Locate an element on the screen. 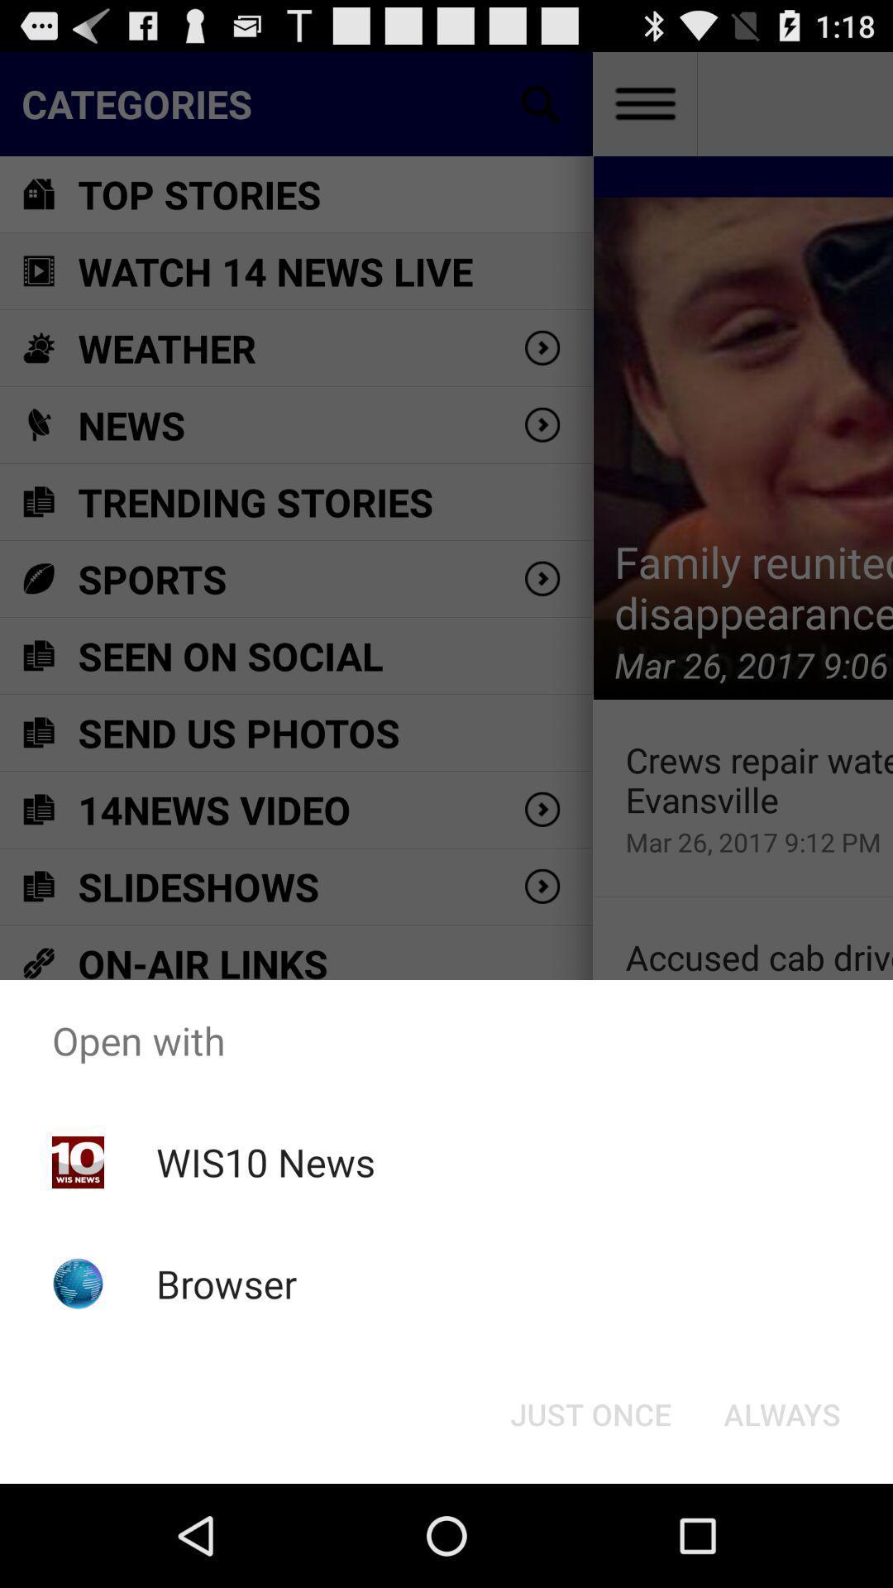 Image resolution: width=893 pixels, height=1588 pixels. item below the wis10 news is located at coordinates (227, 1283).